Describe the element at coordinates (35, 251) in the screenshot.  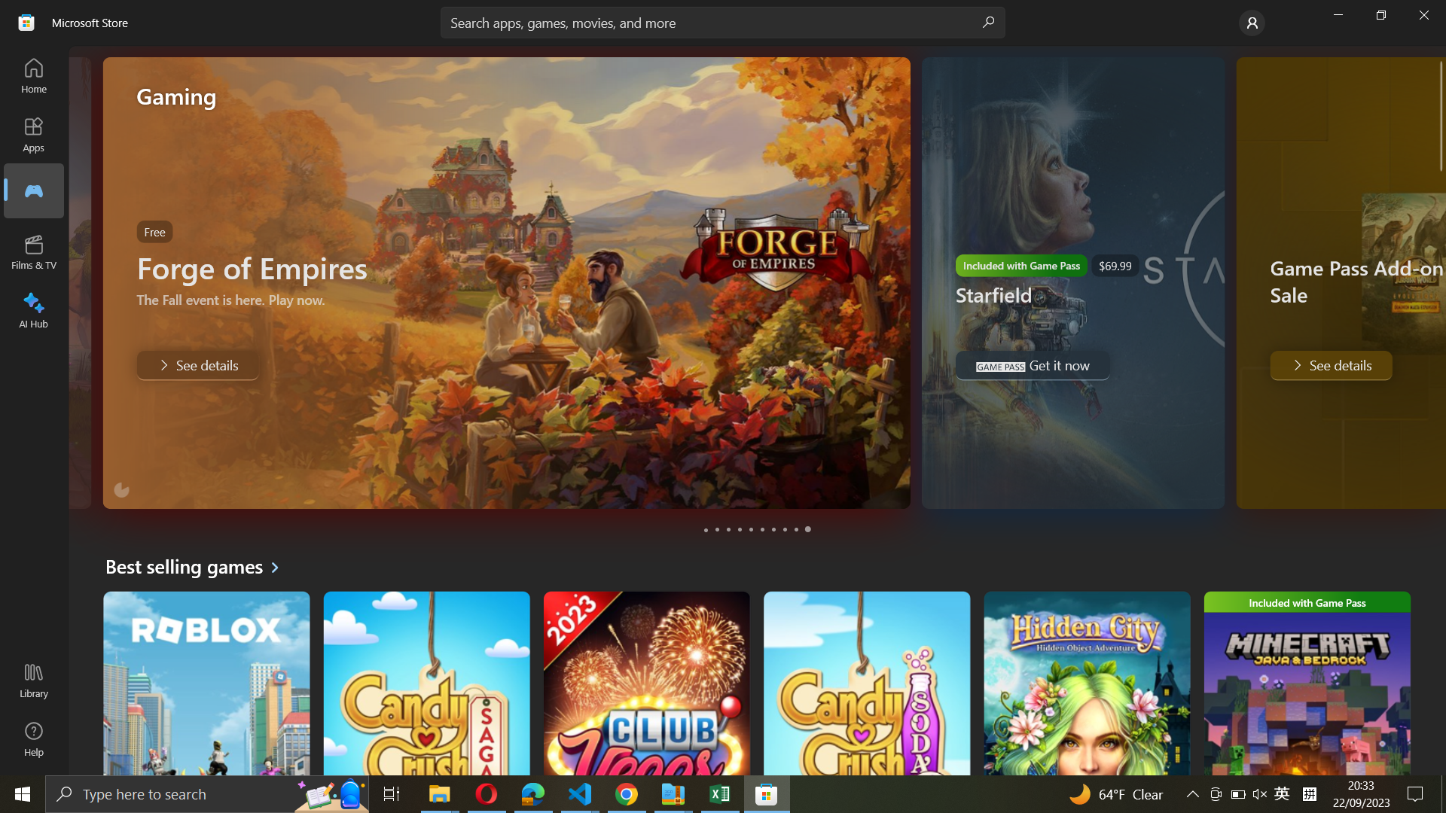
I see `Go to Films & TV section` at that location.